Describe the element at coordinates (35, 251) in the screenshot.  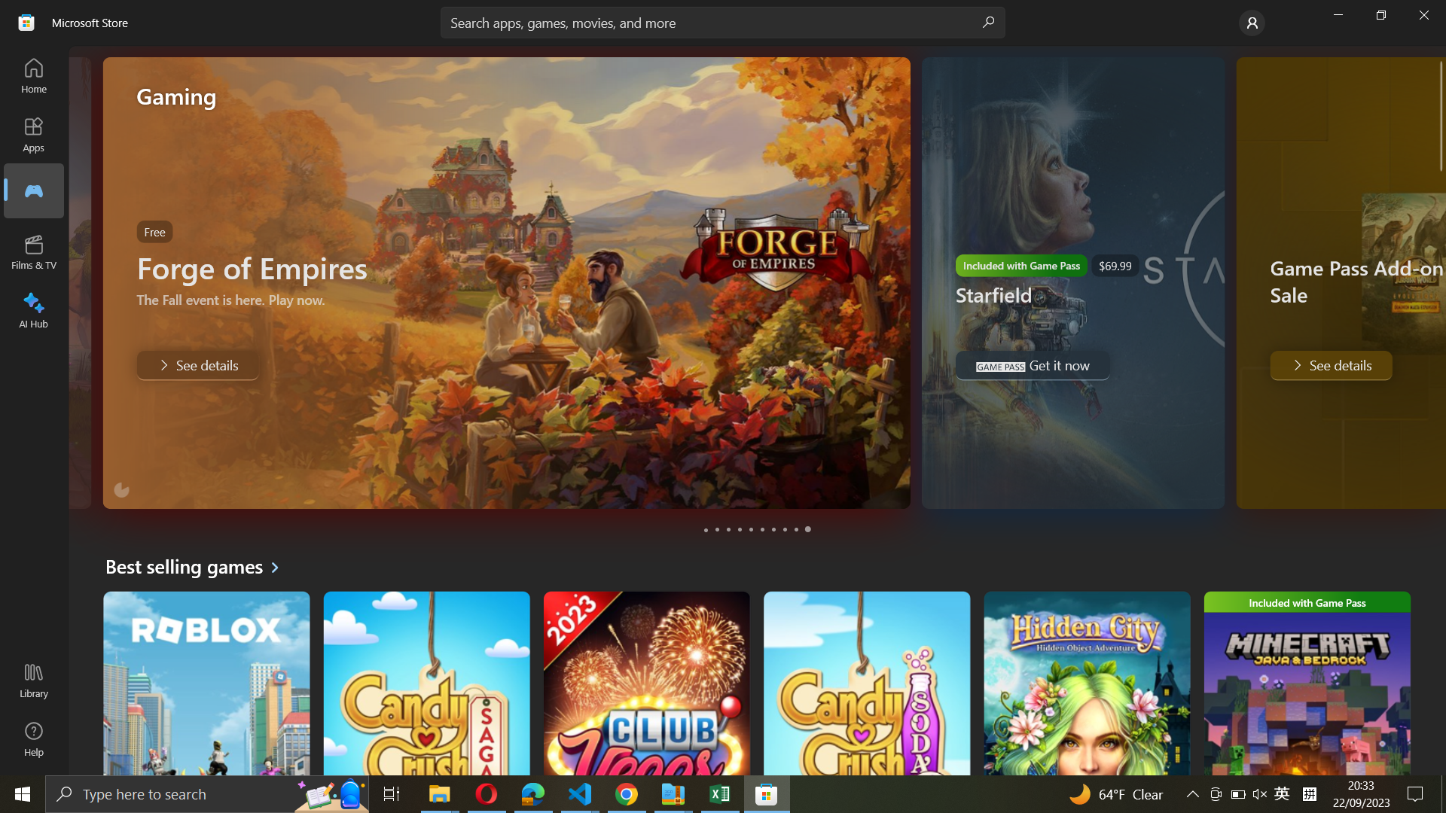
I see `Go to Films & TV section` at that location.